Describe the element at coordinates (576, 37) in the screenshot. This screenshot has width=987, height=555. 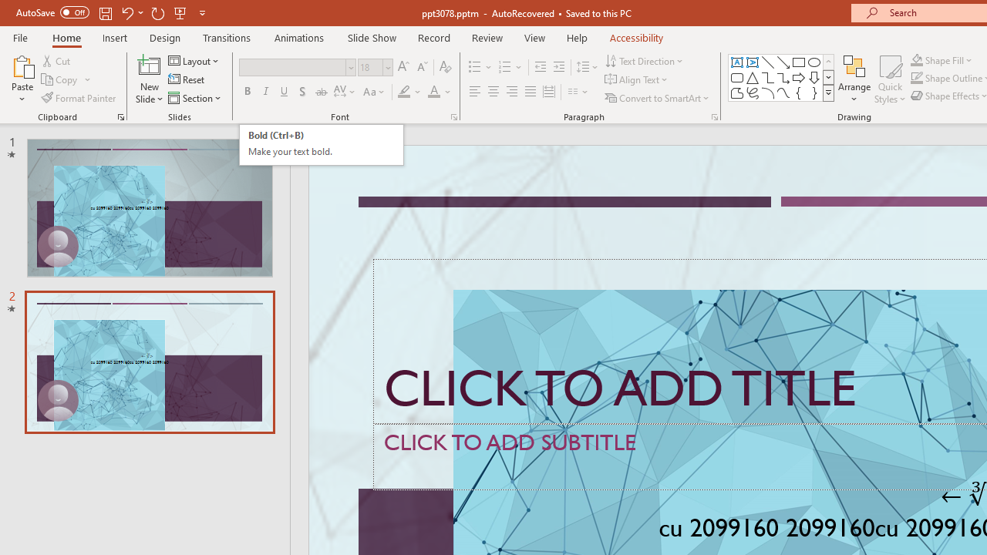
I see `'Help'` at that location.